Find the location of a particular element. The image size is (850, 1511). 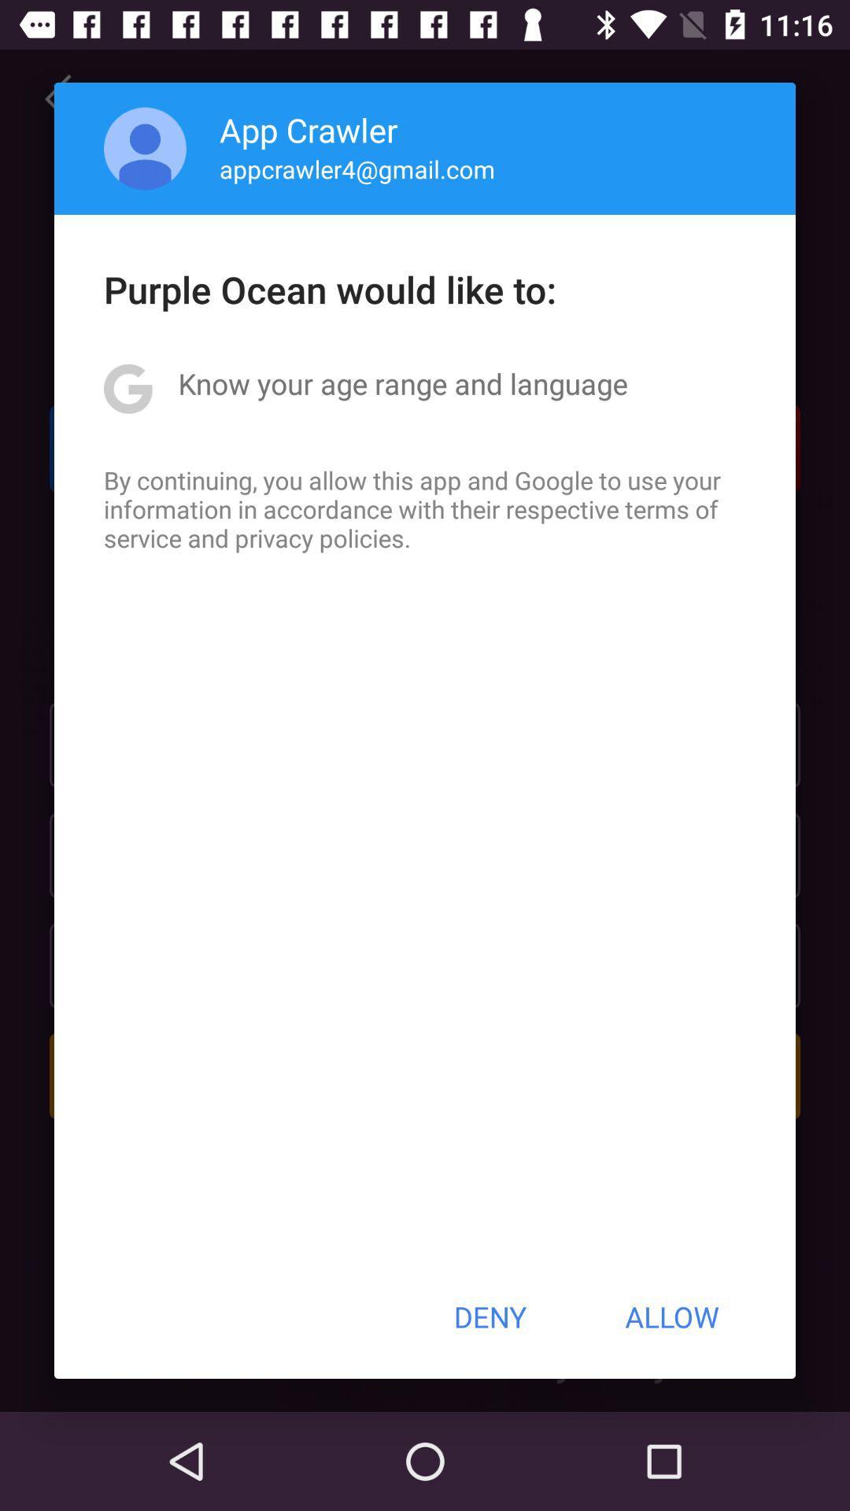

the appcrawler4@gmail.com is located at coordinates (357, 168).